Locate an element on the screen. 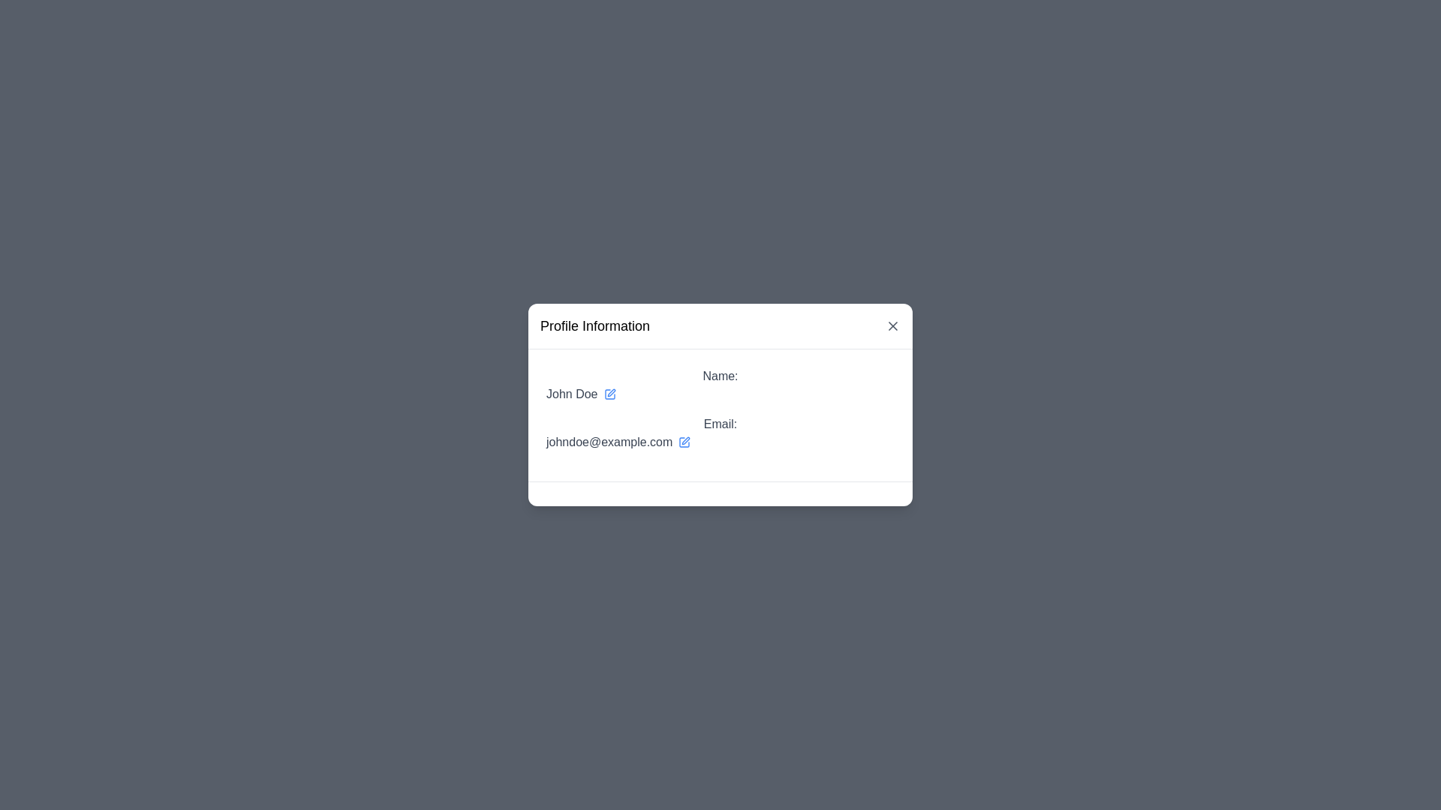  the text label identifying the 'Name' field in the 'Profile Information' modal is located at coordinates (720, 375).